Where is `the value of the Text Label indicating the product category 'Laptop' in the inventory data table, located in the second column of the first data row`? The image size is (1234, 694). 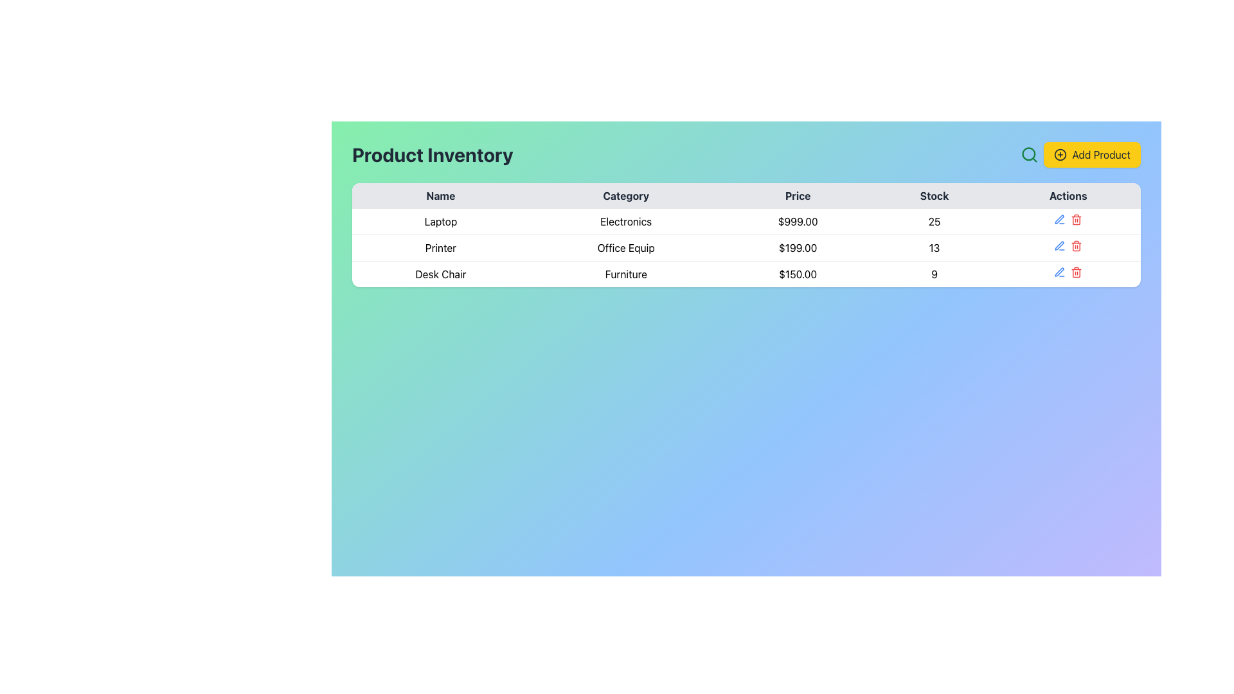
the value of the Text Label indicating the product category 'Laptop' in the inventory data table, located in the second column of the first data row is located at coordinates (626, 221).